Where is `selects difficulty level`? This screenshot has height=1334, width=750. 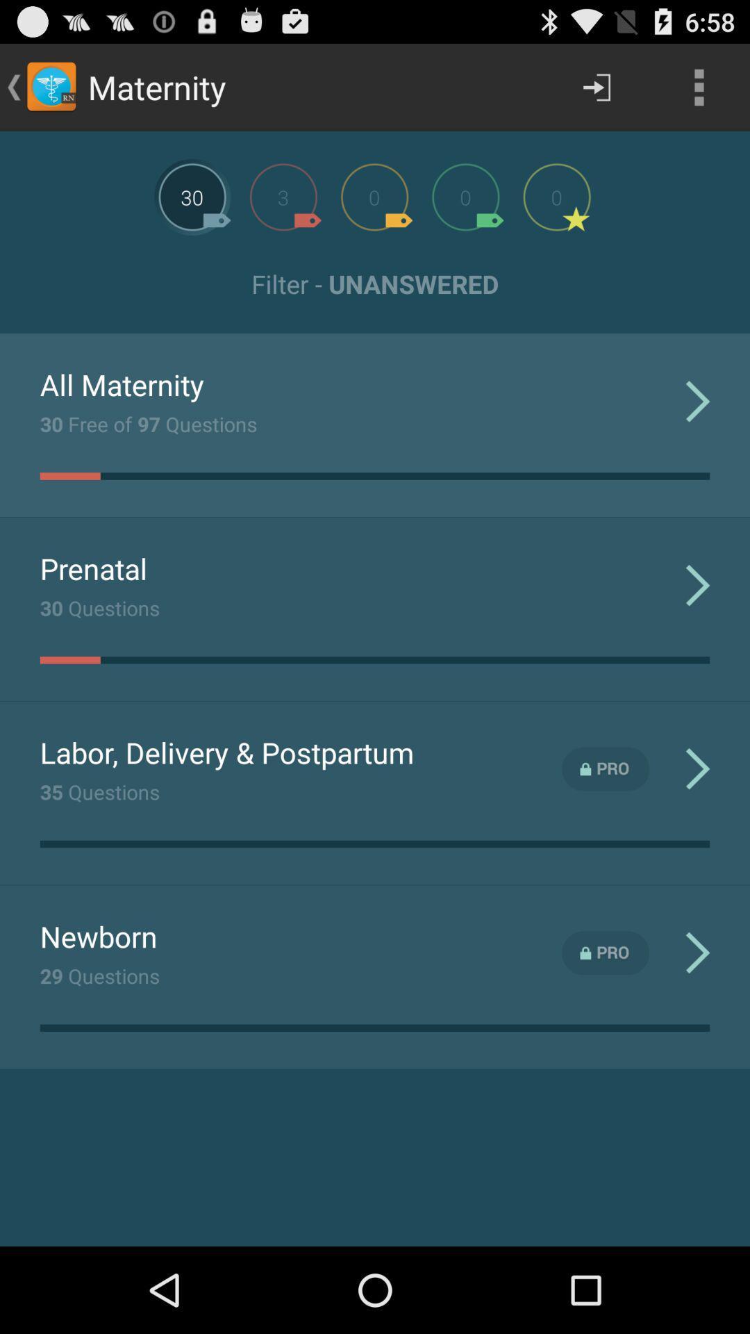 selects difficulty level is located at coordinates (283, 196).